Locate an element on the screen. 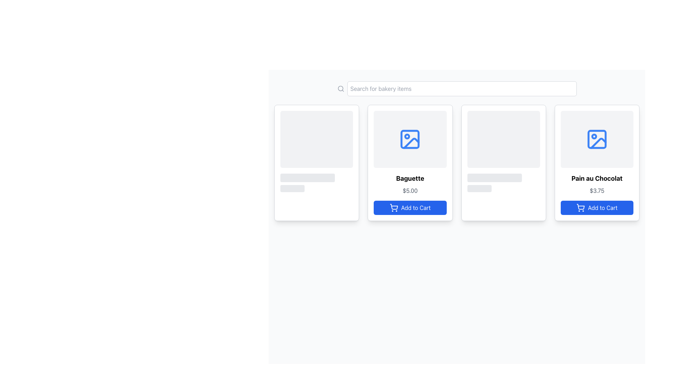 The image size is (684, 385). the 'Pain au Chocolat' text label located at the bottom of the card layout is located at coordinates (597, 178).